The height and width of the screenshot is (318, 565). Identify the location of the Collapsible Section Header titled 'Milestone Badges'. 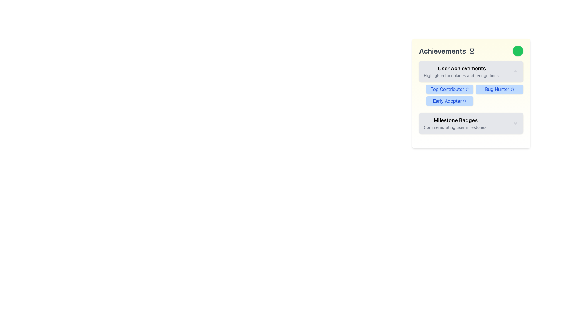
(471, 123).